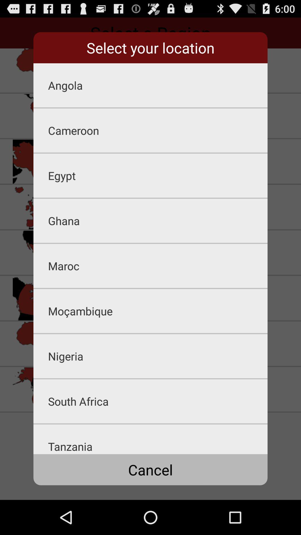 The height and width of the screenshot is (535, 301). I want to click on cameroon item, so click(158, 130).